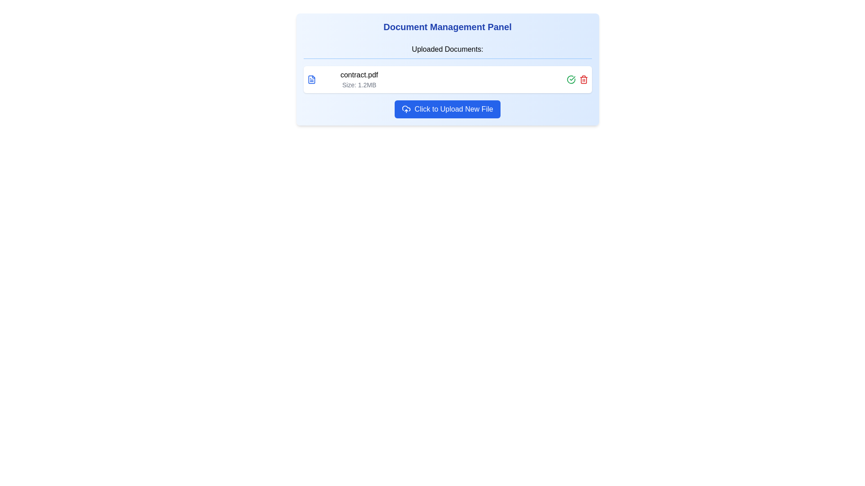 The width and height of the screenshot is (865, 486). What do you see at coordinates (311, 79) in the screenshot?
I see `the document type icon located to the left of the text 'contract.pdf' and 'Size: 1.2MB'` at bounding box center [311, 79].